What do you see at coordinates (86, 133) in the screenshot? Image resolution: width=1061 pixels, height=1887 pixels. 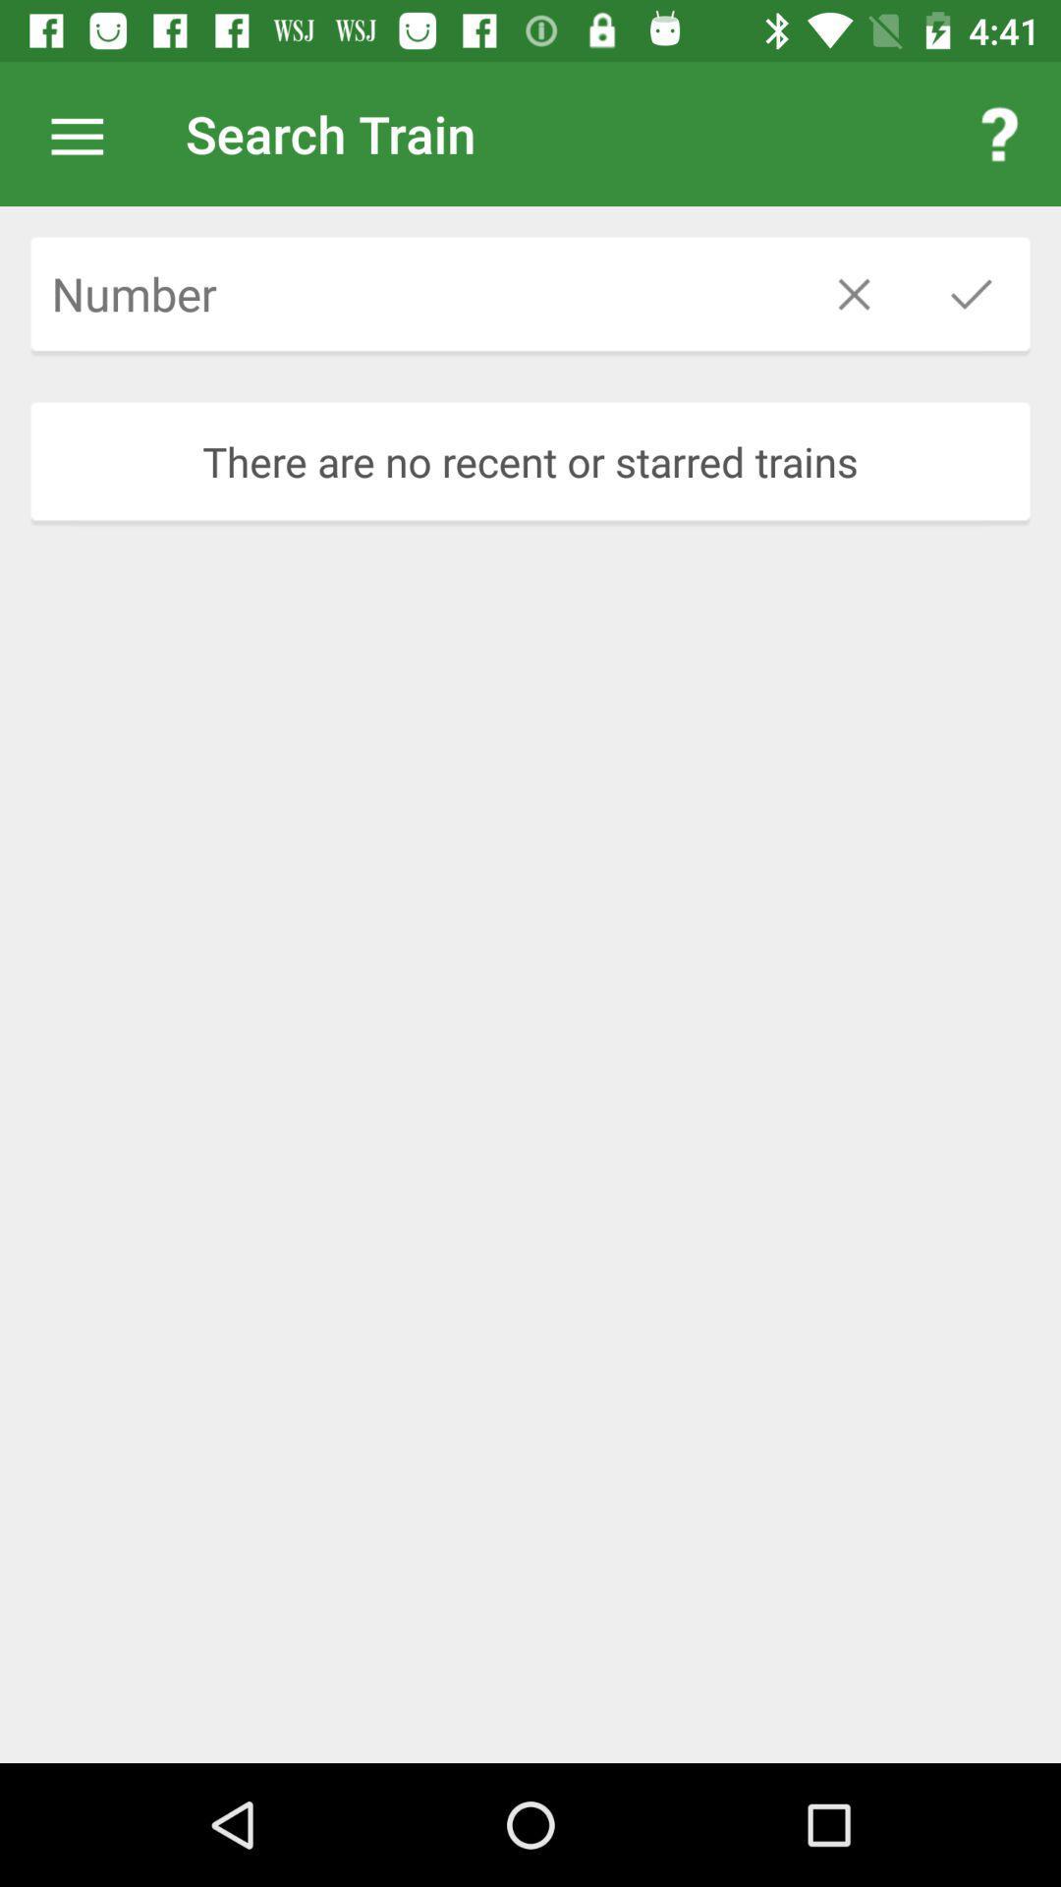 I see `pull up menu` at bounding box center [86, 133].